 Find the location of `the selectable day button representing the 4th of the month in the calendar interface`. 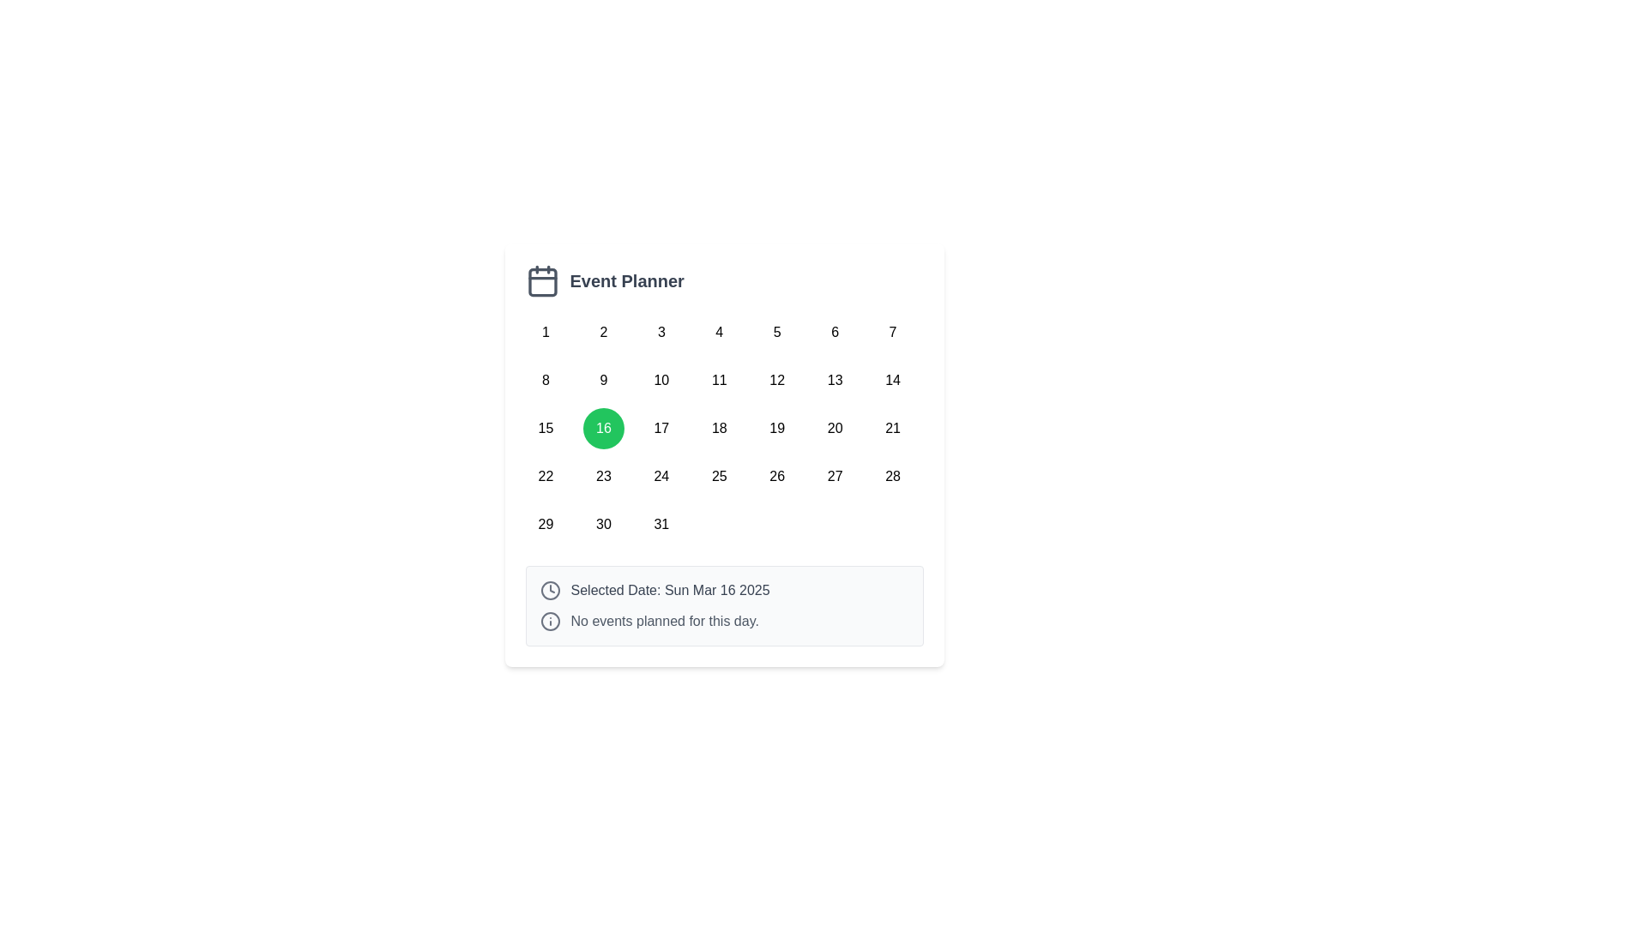

the selectable day button representing the 4th of the month in the calendar interface is located at coordinates (719, 333).